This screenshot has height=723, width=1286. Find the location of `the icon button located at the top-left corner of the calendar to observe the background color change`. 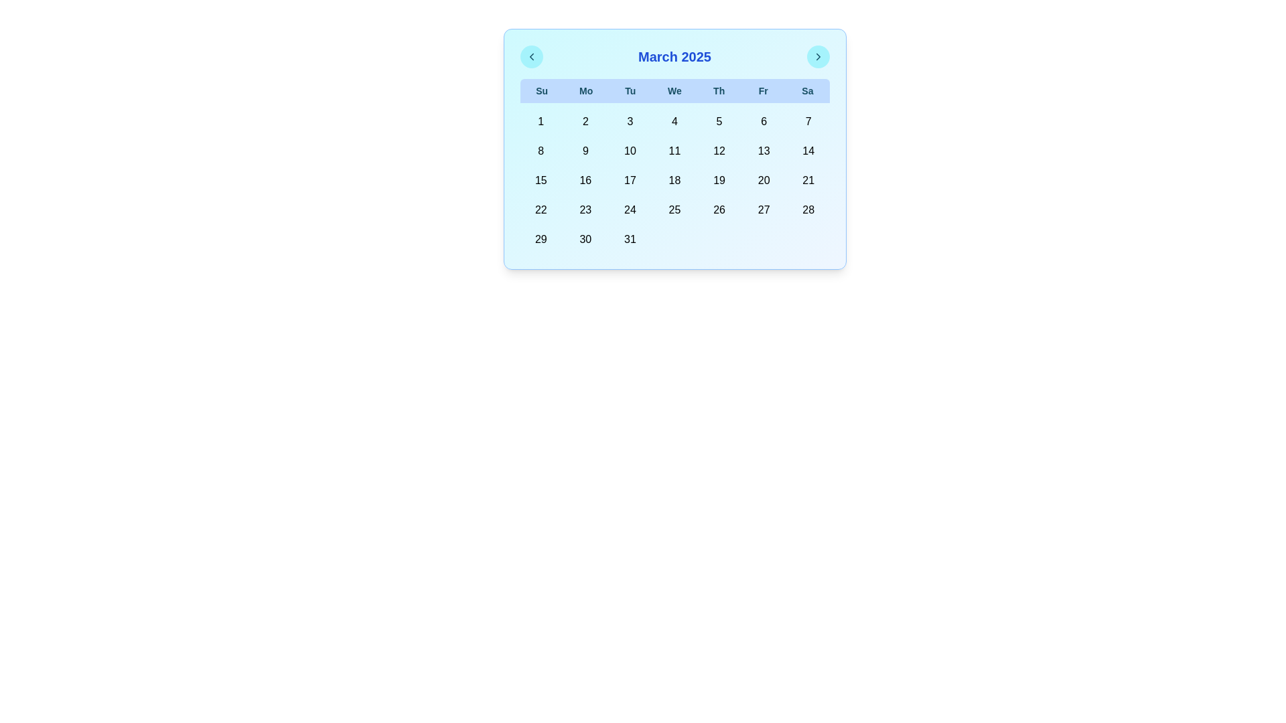

the icon button located at the top-left corner of the calendar to observe the background color change is located at coordinates (530, 56).